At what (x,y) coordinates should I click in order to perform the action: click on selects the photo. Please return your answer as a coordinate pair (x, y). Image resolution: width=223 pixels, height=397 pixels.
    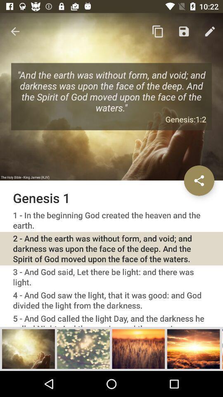
    Looking at the image, I should click on (193, 348).